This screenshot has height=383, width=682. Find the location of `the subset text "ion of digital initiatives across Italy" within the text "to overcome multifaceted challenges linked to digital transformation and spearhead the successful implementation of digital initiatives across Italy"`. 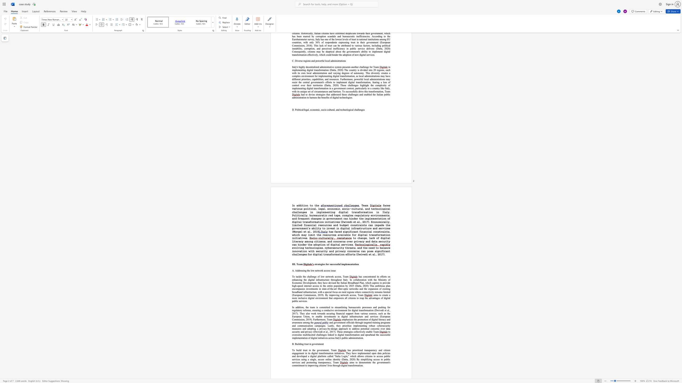

the subset text "ion of digital initiatives across Italy" within the text "to overcome multifaceted challenges linked to digital transformation and spearhead the successful implementation of digital initiatives across Italy" is located at coordinates (304, 338).